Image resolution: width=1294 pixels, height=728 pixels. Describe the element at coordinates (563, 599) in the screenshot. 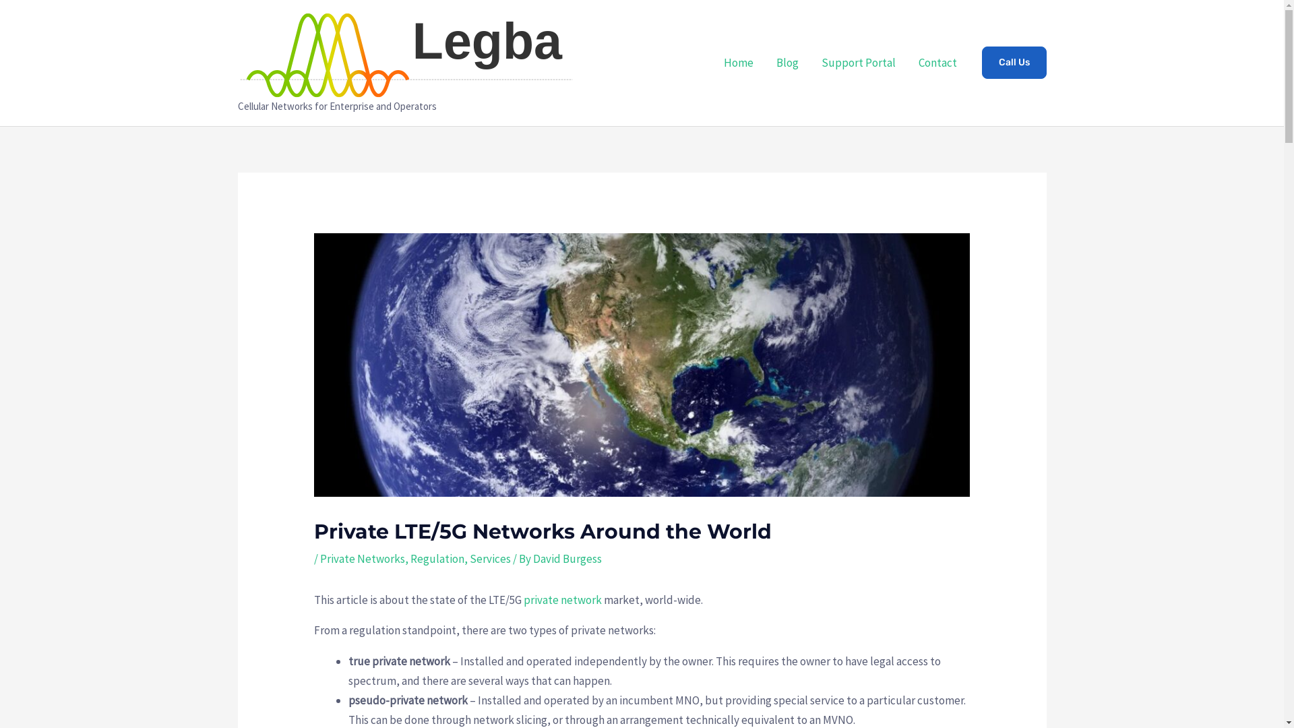

I see `'private network'` at that location.